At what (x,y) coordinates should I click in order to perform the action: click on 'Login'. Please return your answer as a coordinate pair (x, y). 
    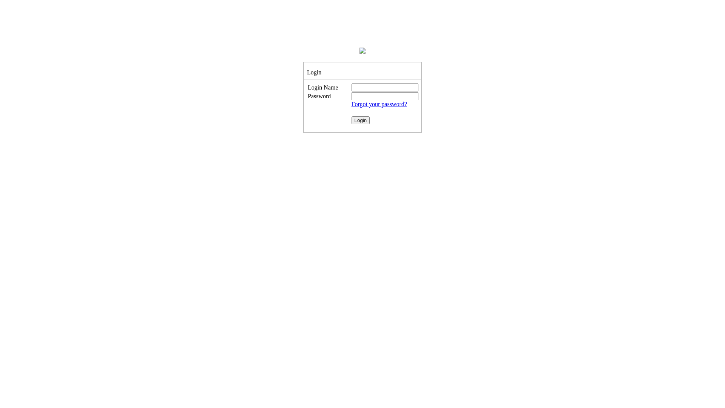
    Looking at the image, I should click on (360, 120).